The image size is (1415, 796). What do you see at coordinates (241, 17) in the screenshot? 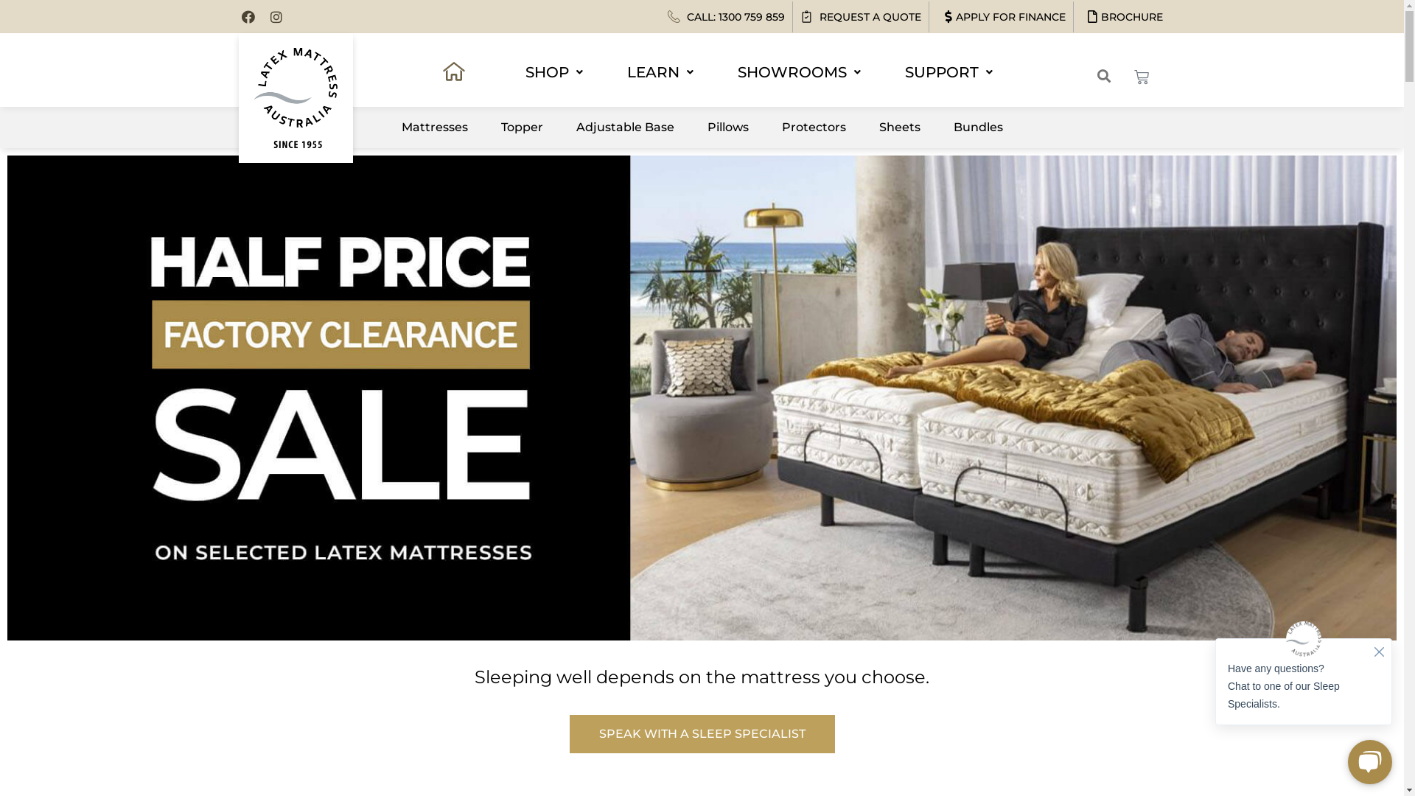
I see `'Facebook'` at bounding box center [241, 17].